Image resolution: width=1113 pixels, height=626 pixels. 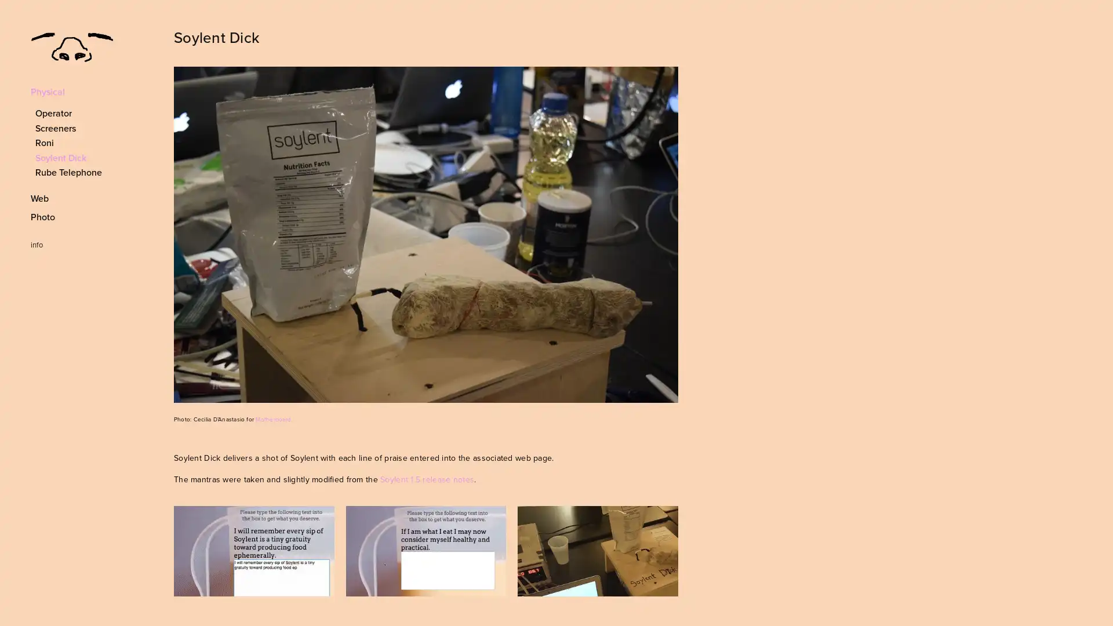 I want to click on View fullsize soylent-dick-mantras.gif, so click(x=425, y=550).